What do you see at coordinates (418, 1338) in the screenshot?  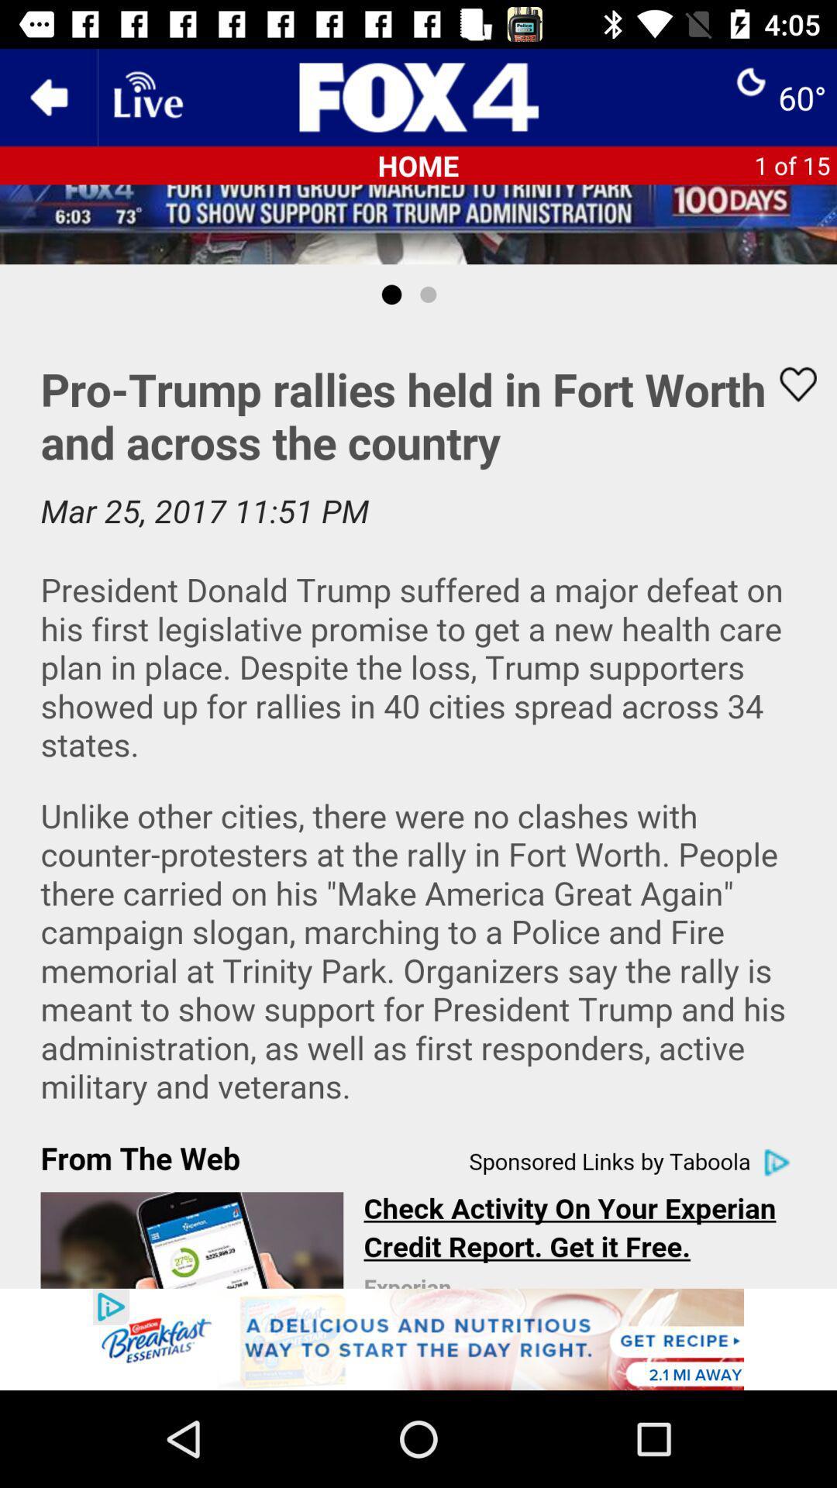 I see `opens up advertisement` at bounding box center [418, 1338].